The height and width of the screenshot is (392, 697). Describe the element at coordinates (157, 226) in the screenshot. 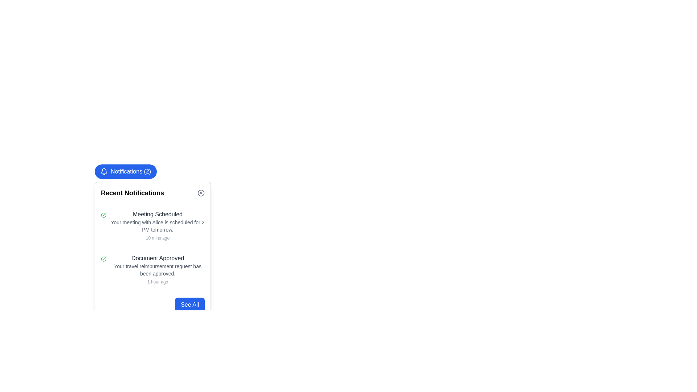

I see `the Notification item that conveys information about a scheduled meeting event located` at that location.